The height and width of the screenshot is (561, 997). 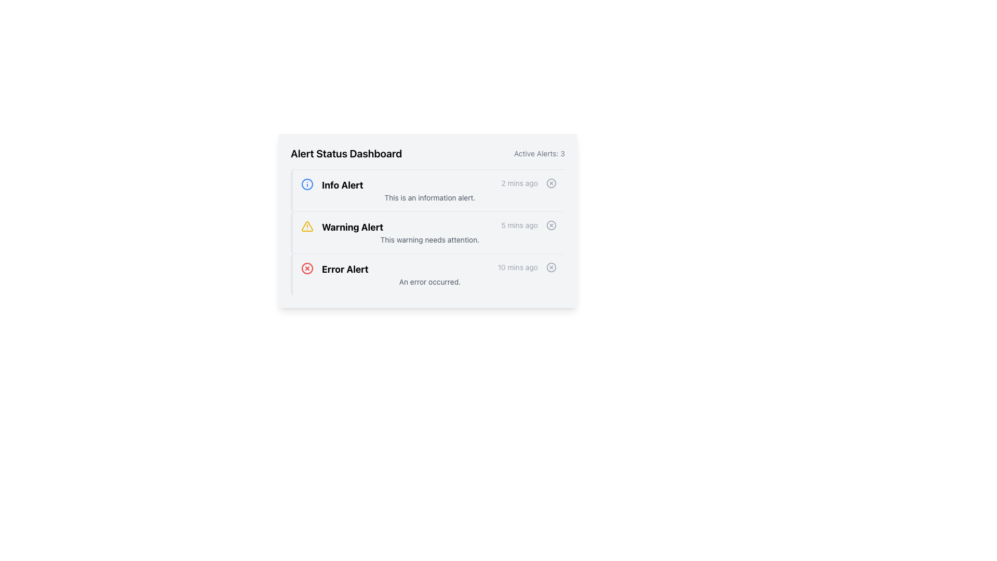 I want to click on styling of the 'Warning Alert' label, which is displayed in bold, large font within the first notification panel of the second notification block, so click(x=353, y=227).